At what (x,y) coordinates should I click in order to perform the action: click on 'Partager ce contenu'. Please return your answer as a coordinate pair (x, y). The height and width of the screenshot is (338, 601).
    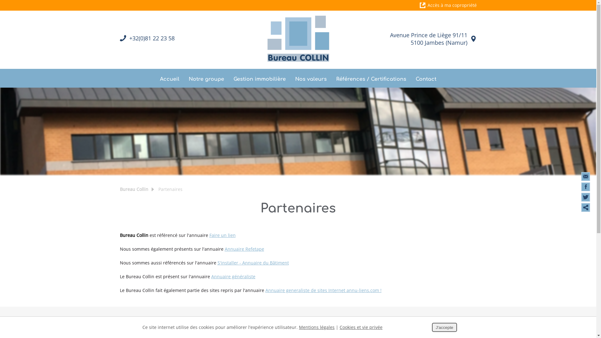
    Looking at the image, I should click on (585, 207).